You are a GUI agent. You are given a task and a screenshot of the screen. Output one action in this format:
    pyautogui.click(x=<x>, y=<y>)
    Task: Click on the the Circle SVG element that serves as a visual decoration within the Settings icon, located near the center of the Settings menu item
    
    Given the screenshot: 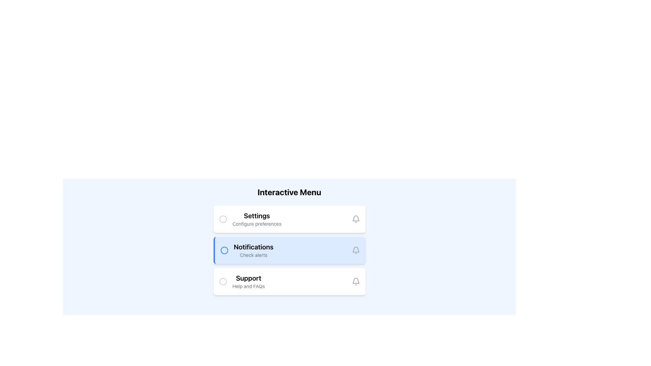 What is the action you would take?
    pyautogui.click(x=223, y=219)
    